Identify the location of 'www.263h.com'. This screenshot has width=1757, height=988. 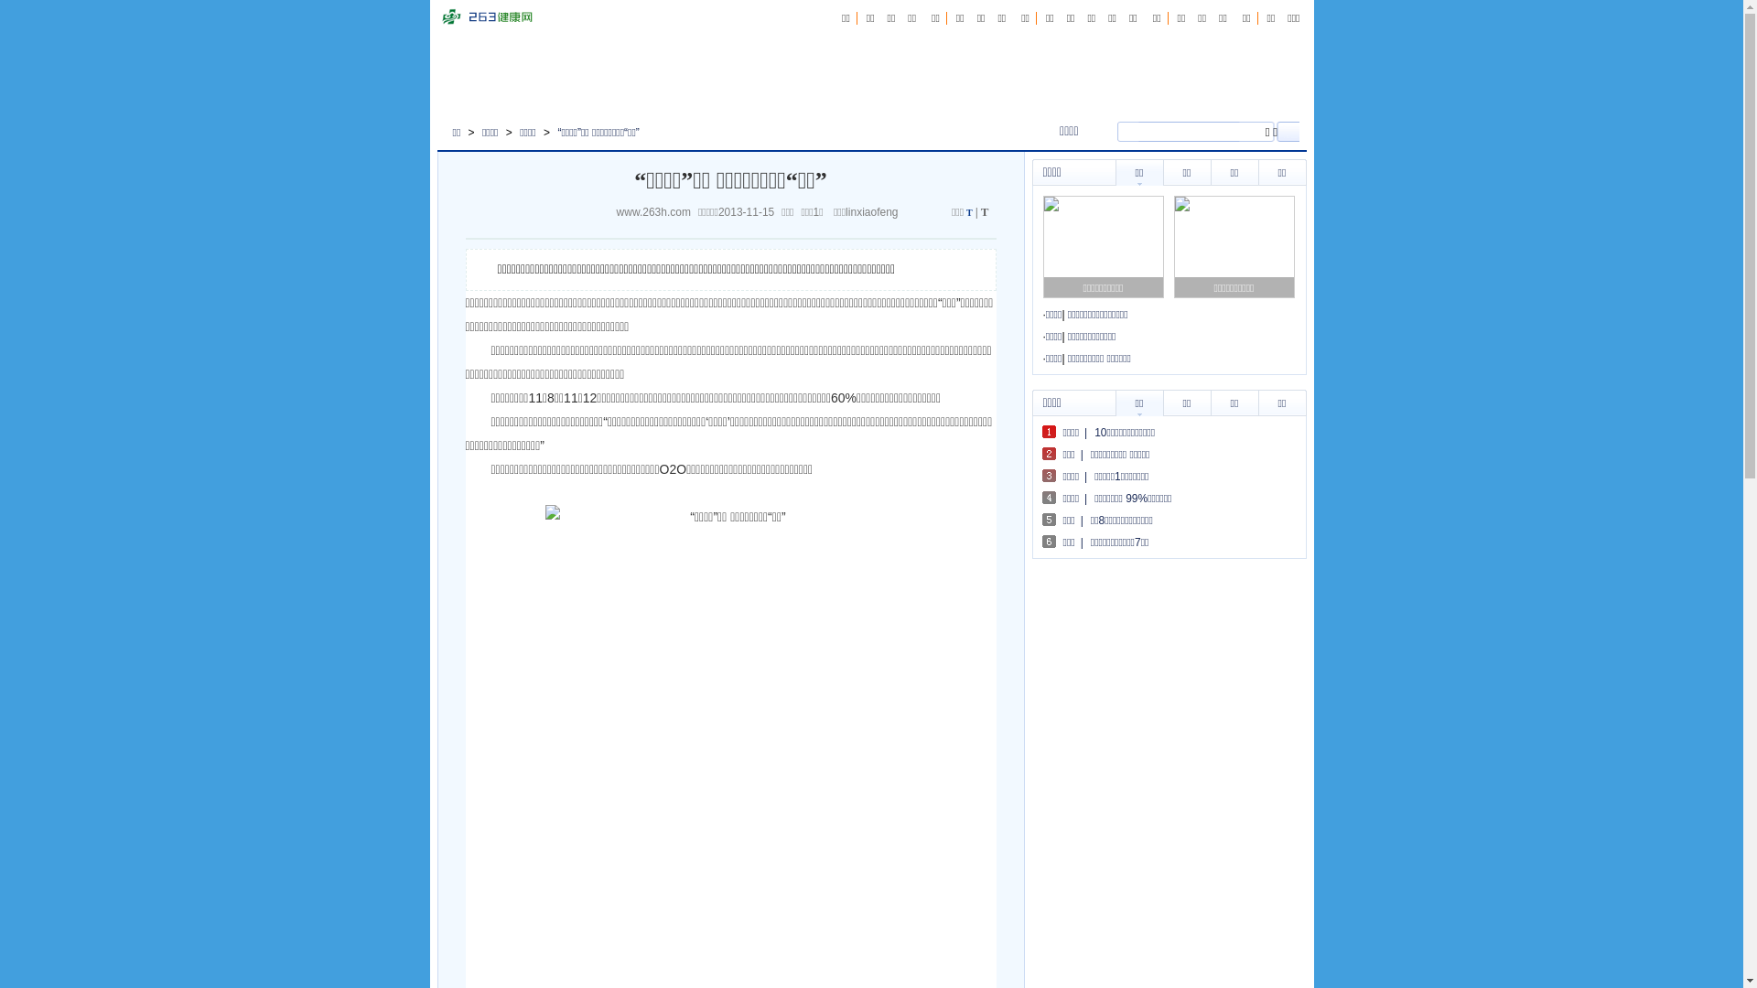
(657, 210).